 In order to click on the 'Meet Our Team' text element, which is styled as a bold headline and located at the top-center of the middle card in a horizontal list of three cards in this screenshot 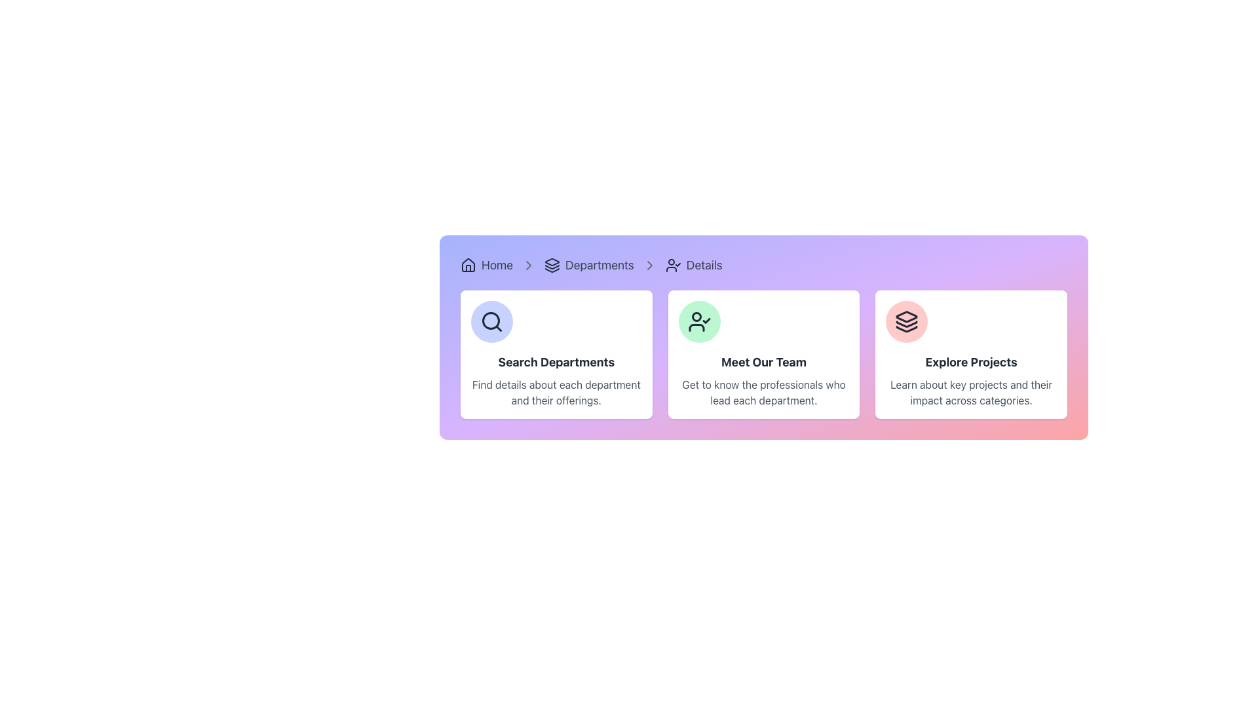, I will do `click(764, 362)`.